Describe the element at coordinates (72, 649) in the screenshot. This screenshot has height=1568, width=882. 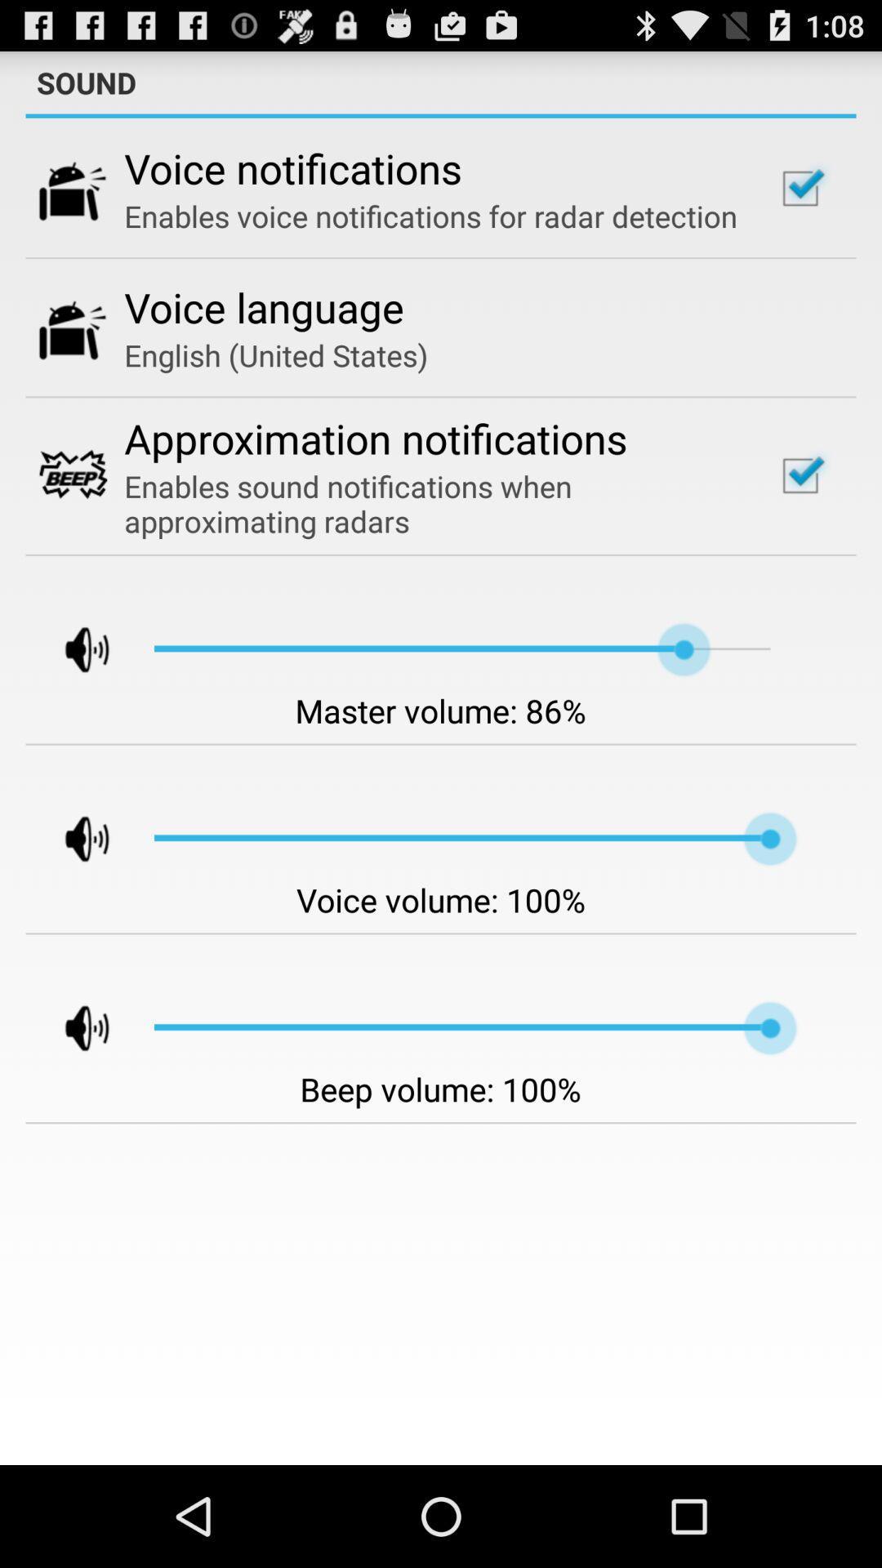
I see `first volume icon` at that location.